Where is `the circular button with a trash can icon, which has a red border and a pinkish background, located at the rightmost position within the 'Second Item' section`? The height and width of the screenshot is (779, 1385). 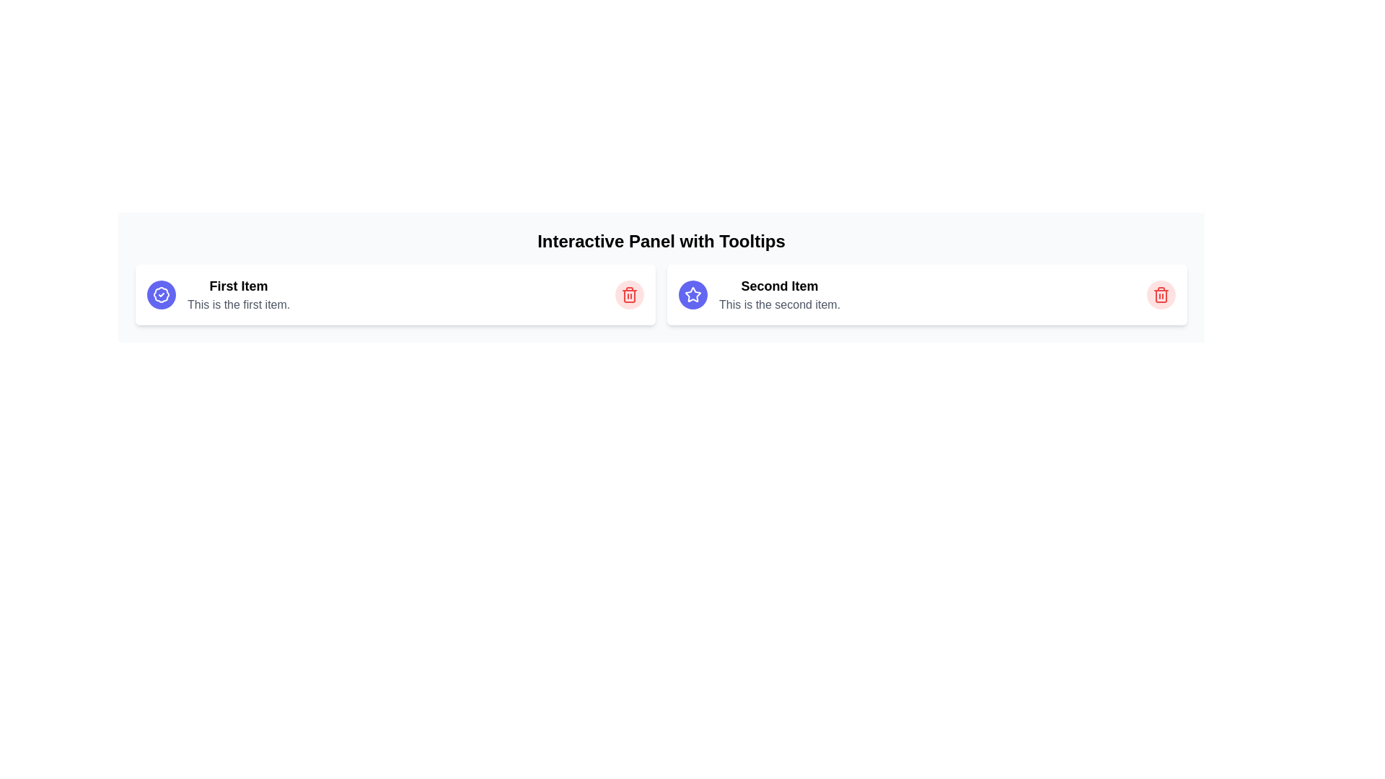
the circular button with a trash can icon, which has a red border and a pinkish background, located at the rightmost position within the 'Second Item' section is located at coordinates (1161, 294).